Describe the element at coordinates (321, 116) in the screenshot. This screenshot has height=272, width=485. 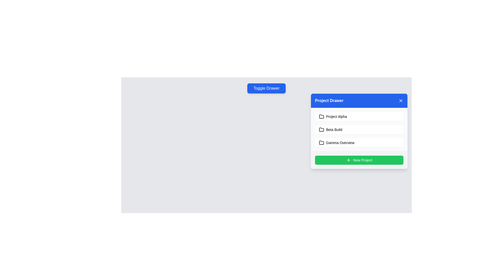
I see `the folder icon located in the 'Project Drawer' which is the first icon to the left of the 'Project Alpha' text` at that location.